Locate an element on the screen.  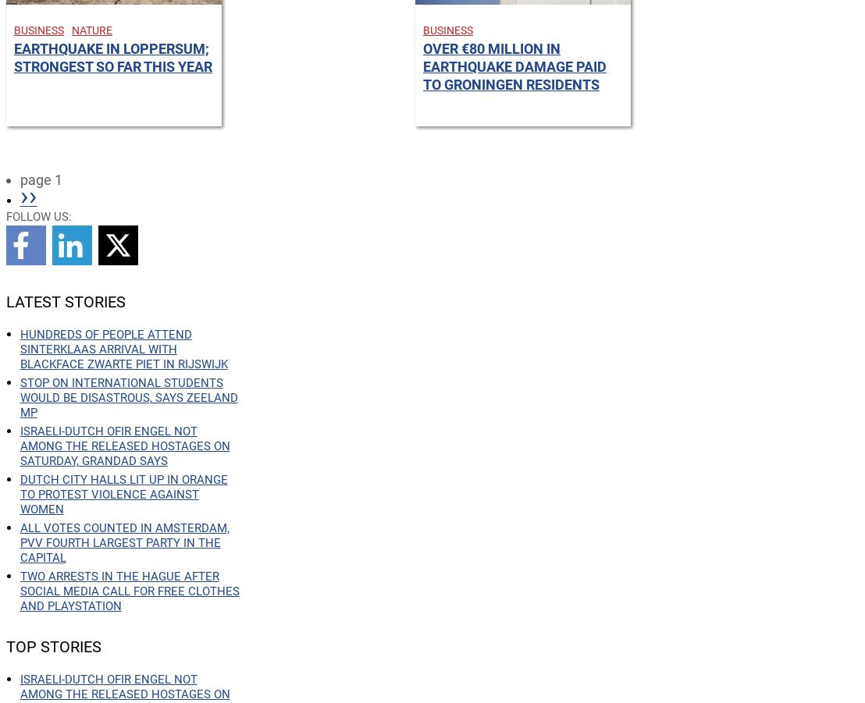
'Over €80 million in earthquake damage paid to Groningen residents' is located at coordinates (514, 65).